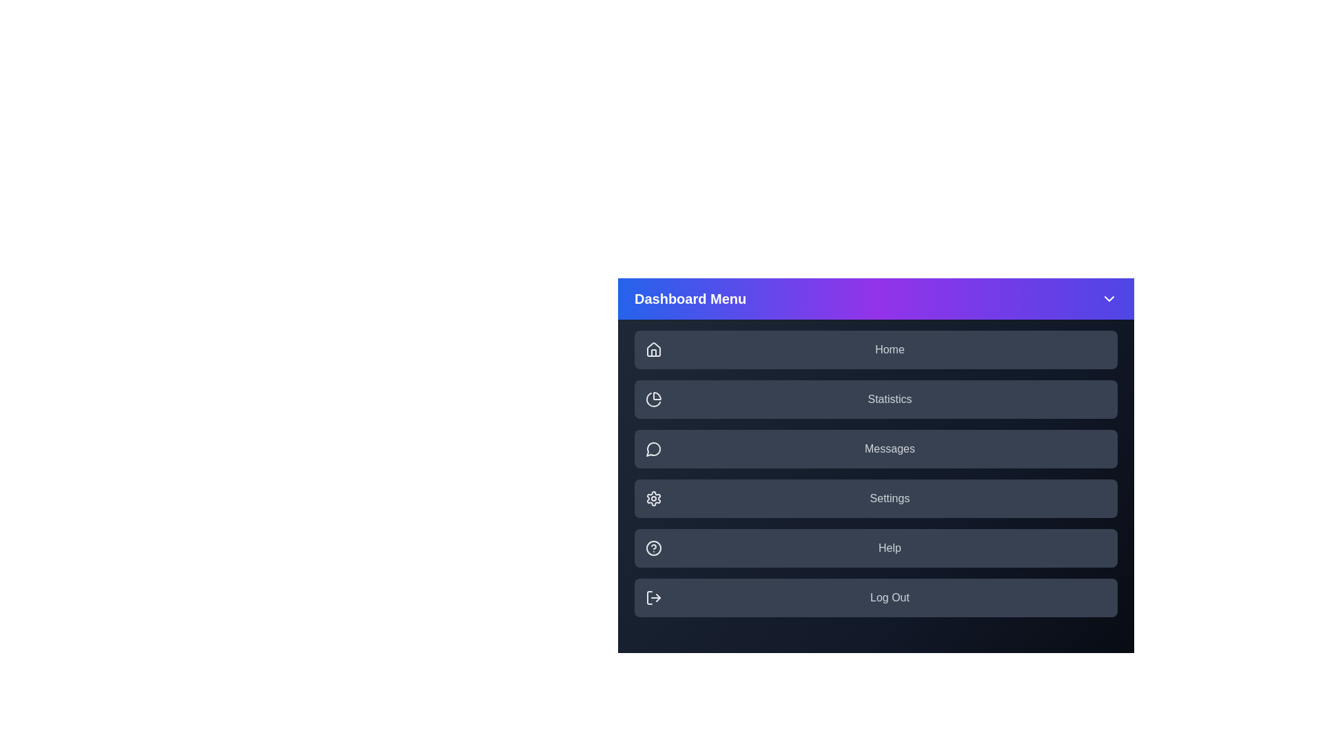  I want to click on the header to toggle the menu visibility, so click(875, 298).